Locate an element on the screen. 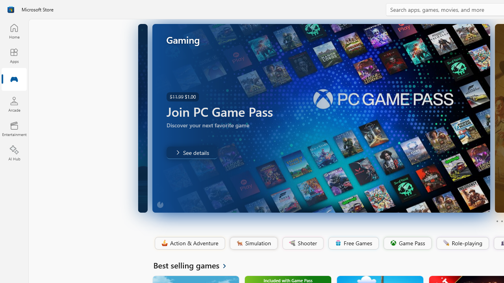  'Arcade' is located at coordinates (14, 104).